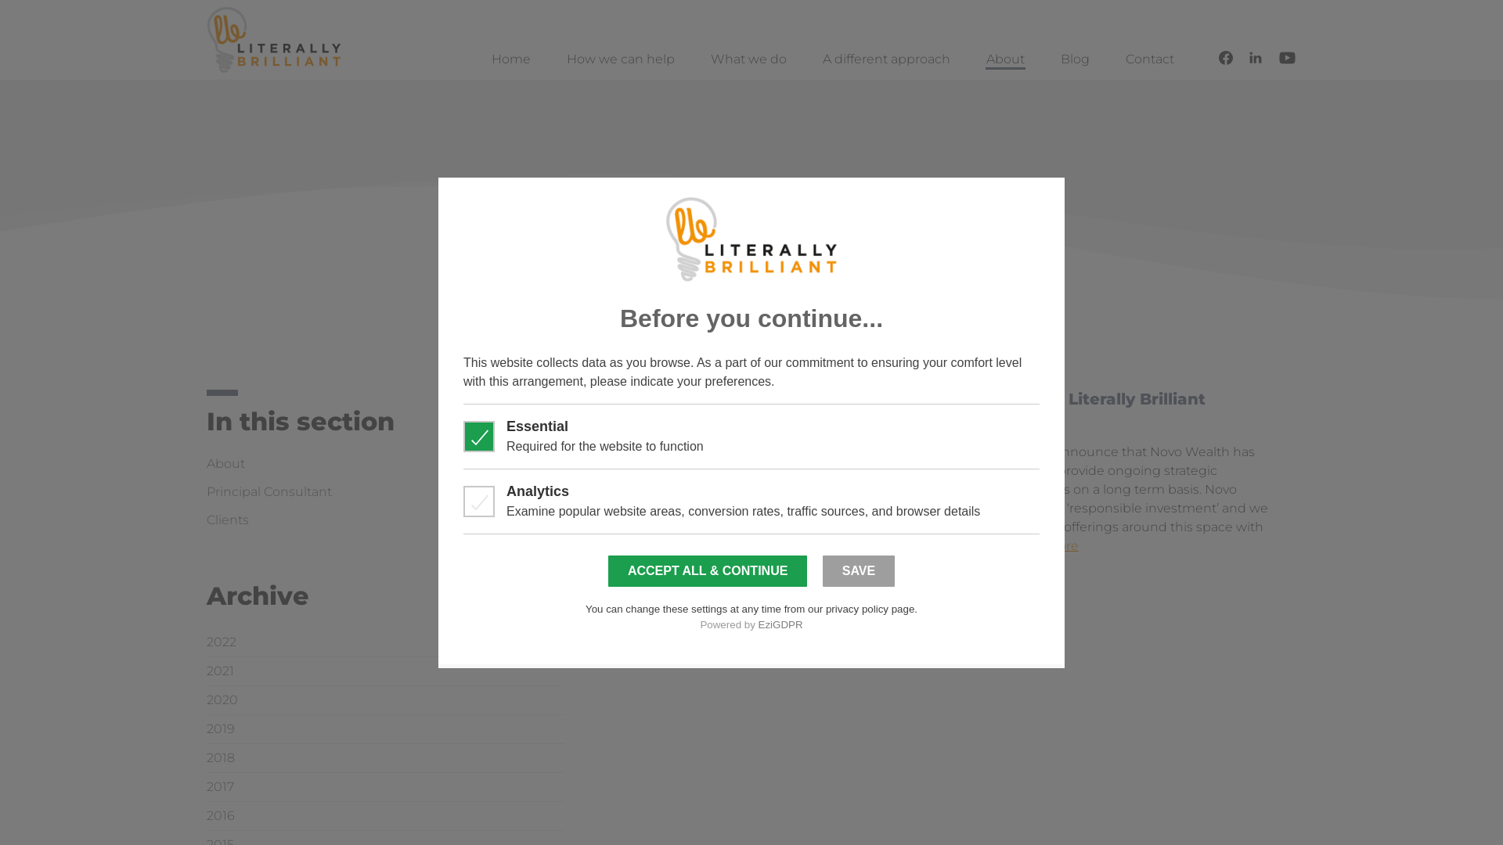 The height and width of the screenshot is (845, 1503). What do you see at coordinates (990, 580) in the screenshot?
I see `'Old client news'` at bounding box center [990, 580].